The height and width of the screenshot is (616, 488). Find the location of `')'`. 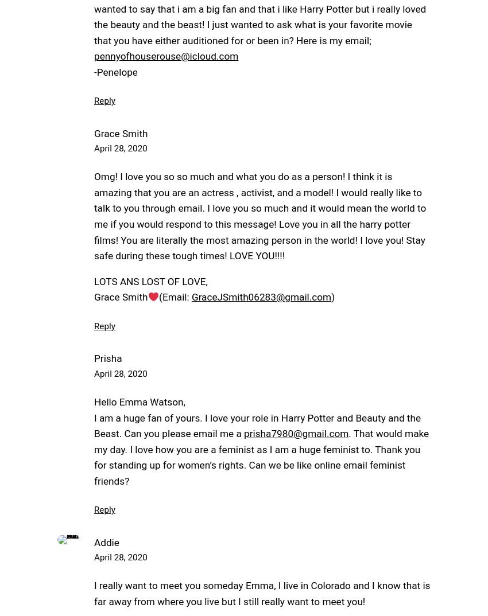

')' is located at coordinates (333, 297).